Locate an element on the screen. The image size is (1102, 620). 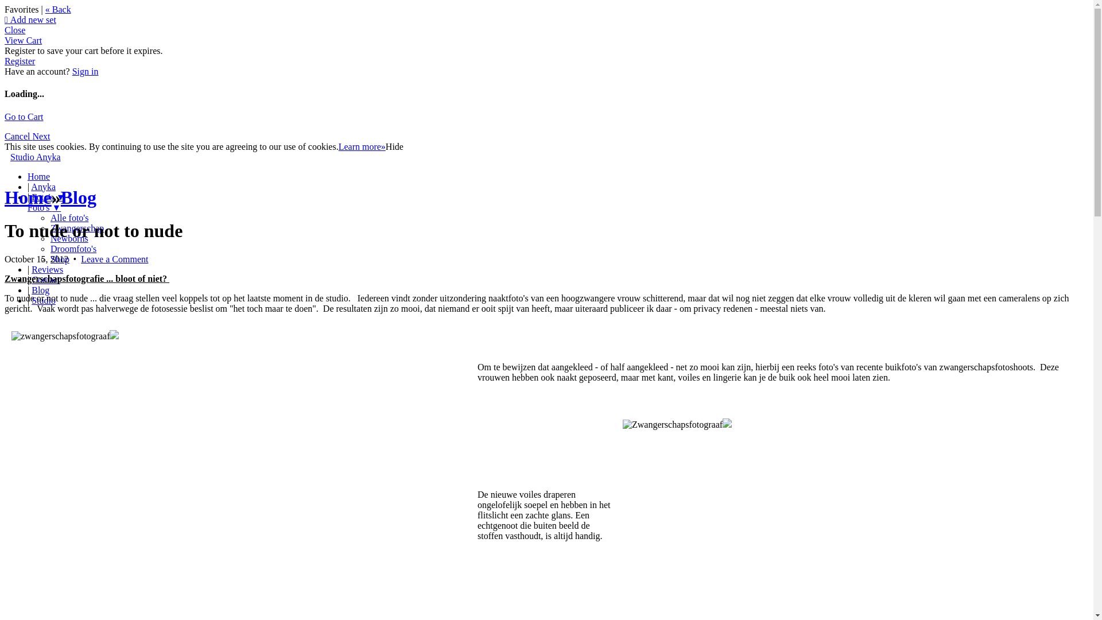
'Leave a Comment' is located at coordinates (114, 259).